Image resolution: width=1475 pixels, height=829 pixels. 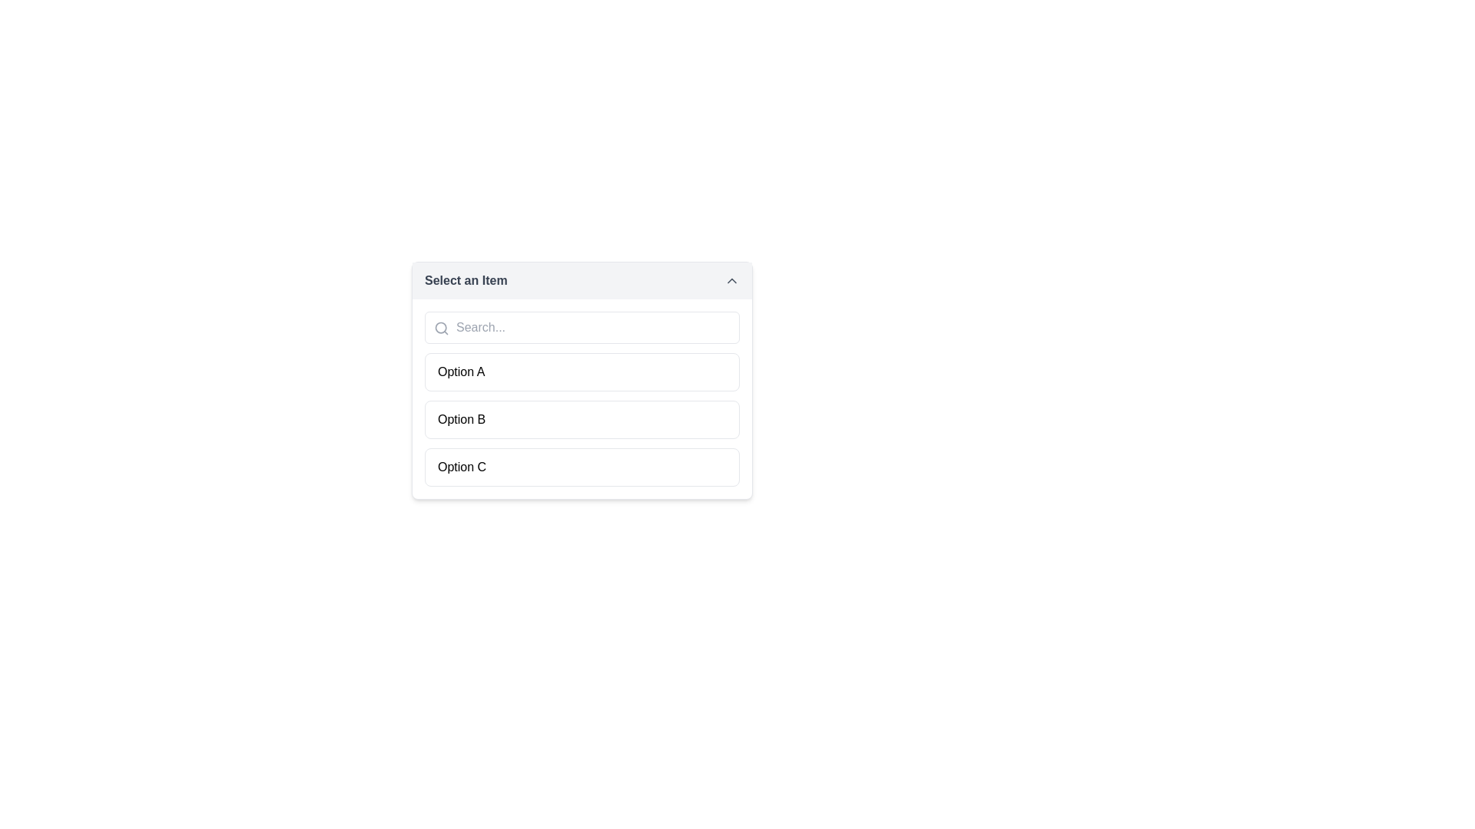 I want to click on the text label 'Option B' which is the second item in a dropdown list of options, so click(x=460, y=420).